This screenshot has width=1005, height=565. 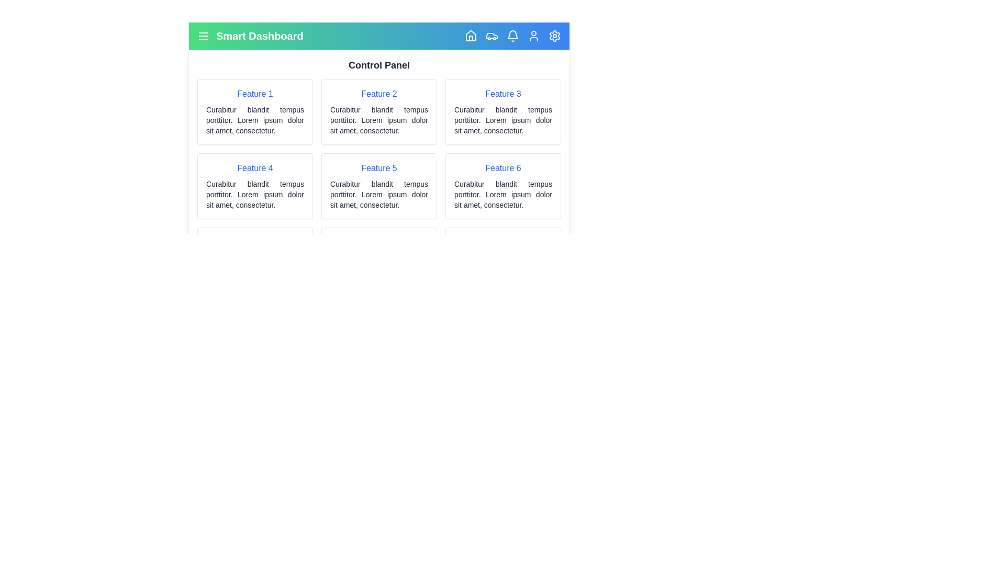 I want to click on the element with the class 'lucide-menu' to observe visual feedback, so click(x=203, y=36).